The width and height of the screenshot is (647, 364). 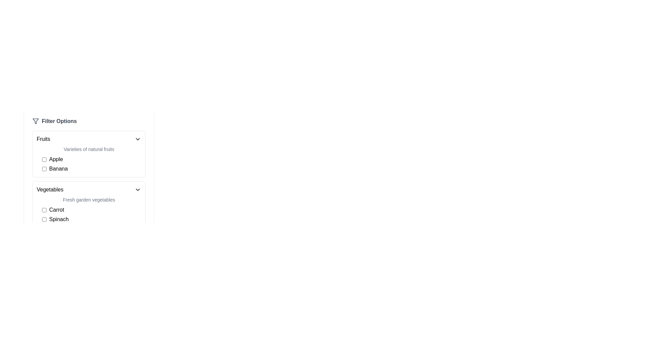 I want to click on the filter icon, represented by a gray funnel shape, located to the left of the text 'Filter Options', so click(x=35, y=121).